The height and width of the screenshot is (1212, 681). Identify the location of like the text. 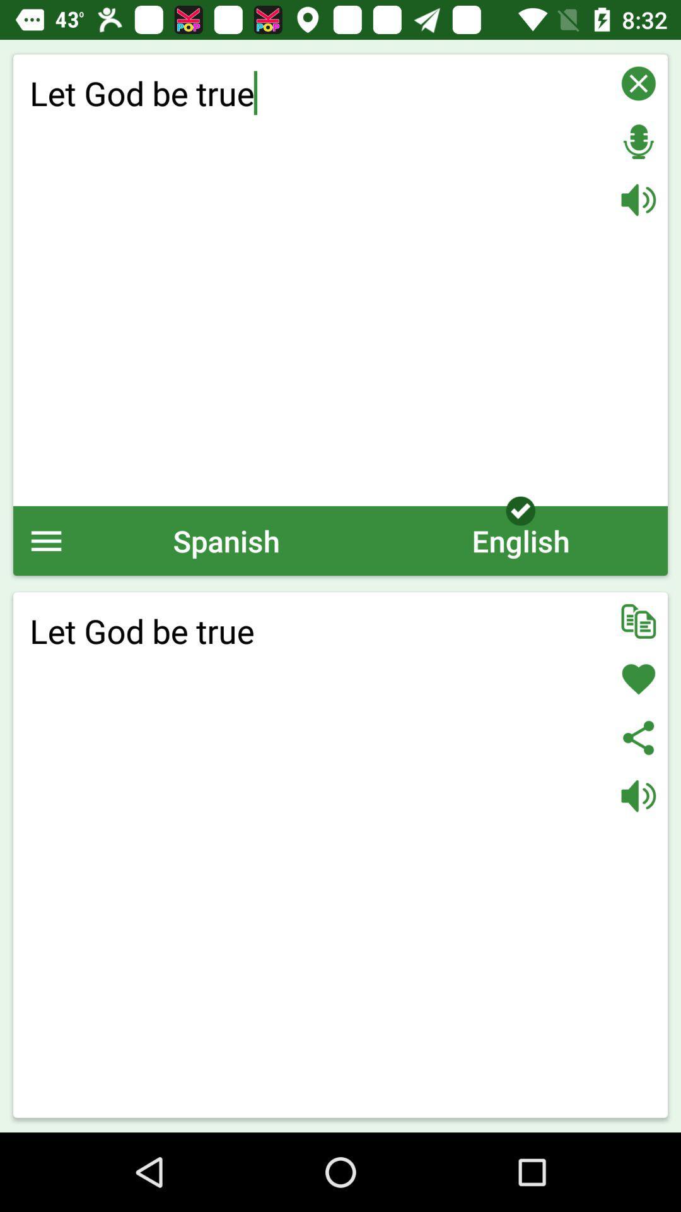
(638, 679).